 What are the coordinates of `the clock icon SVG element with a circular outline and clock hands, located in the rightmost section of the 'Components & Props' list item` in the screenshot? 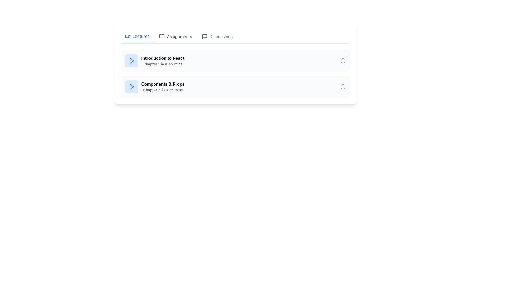 It's located at (342, 86).